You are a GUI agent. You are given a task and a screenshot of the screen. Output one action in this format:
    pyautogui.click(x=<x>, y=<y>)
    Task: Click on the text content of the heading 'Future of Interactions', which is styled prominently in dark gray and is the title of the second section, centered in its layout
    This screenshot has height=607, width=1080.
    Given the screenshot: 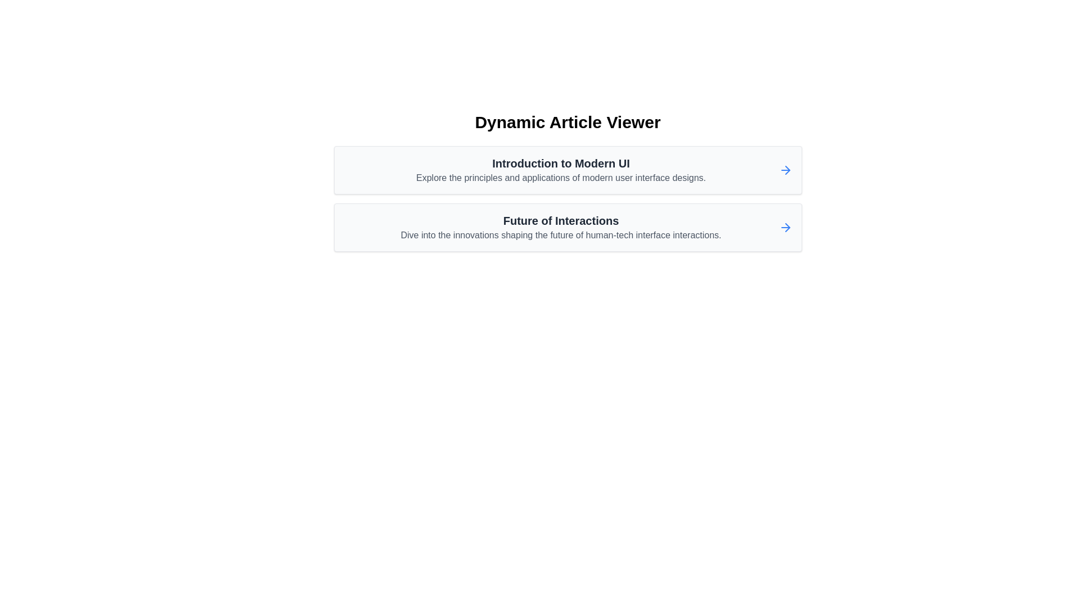 What is the action you would take?
    pyautogui.click(x=561, y=221)
    